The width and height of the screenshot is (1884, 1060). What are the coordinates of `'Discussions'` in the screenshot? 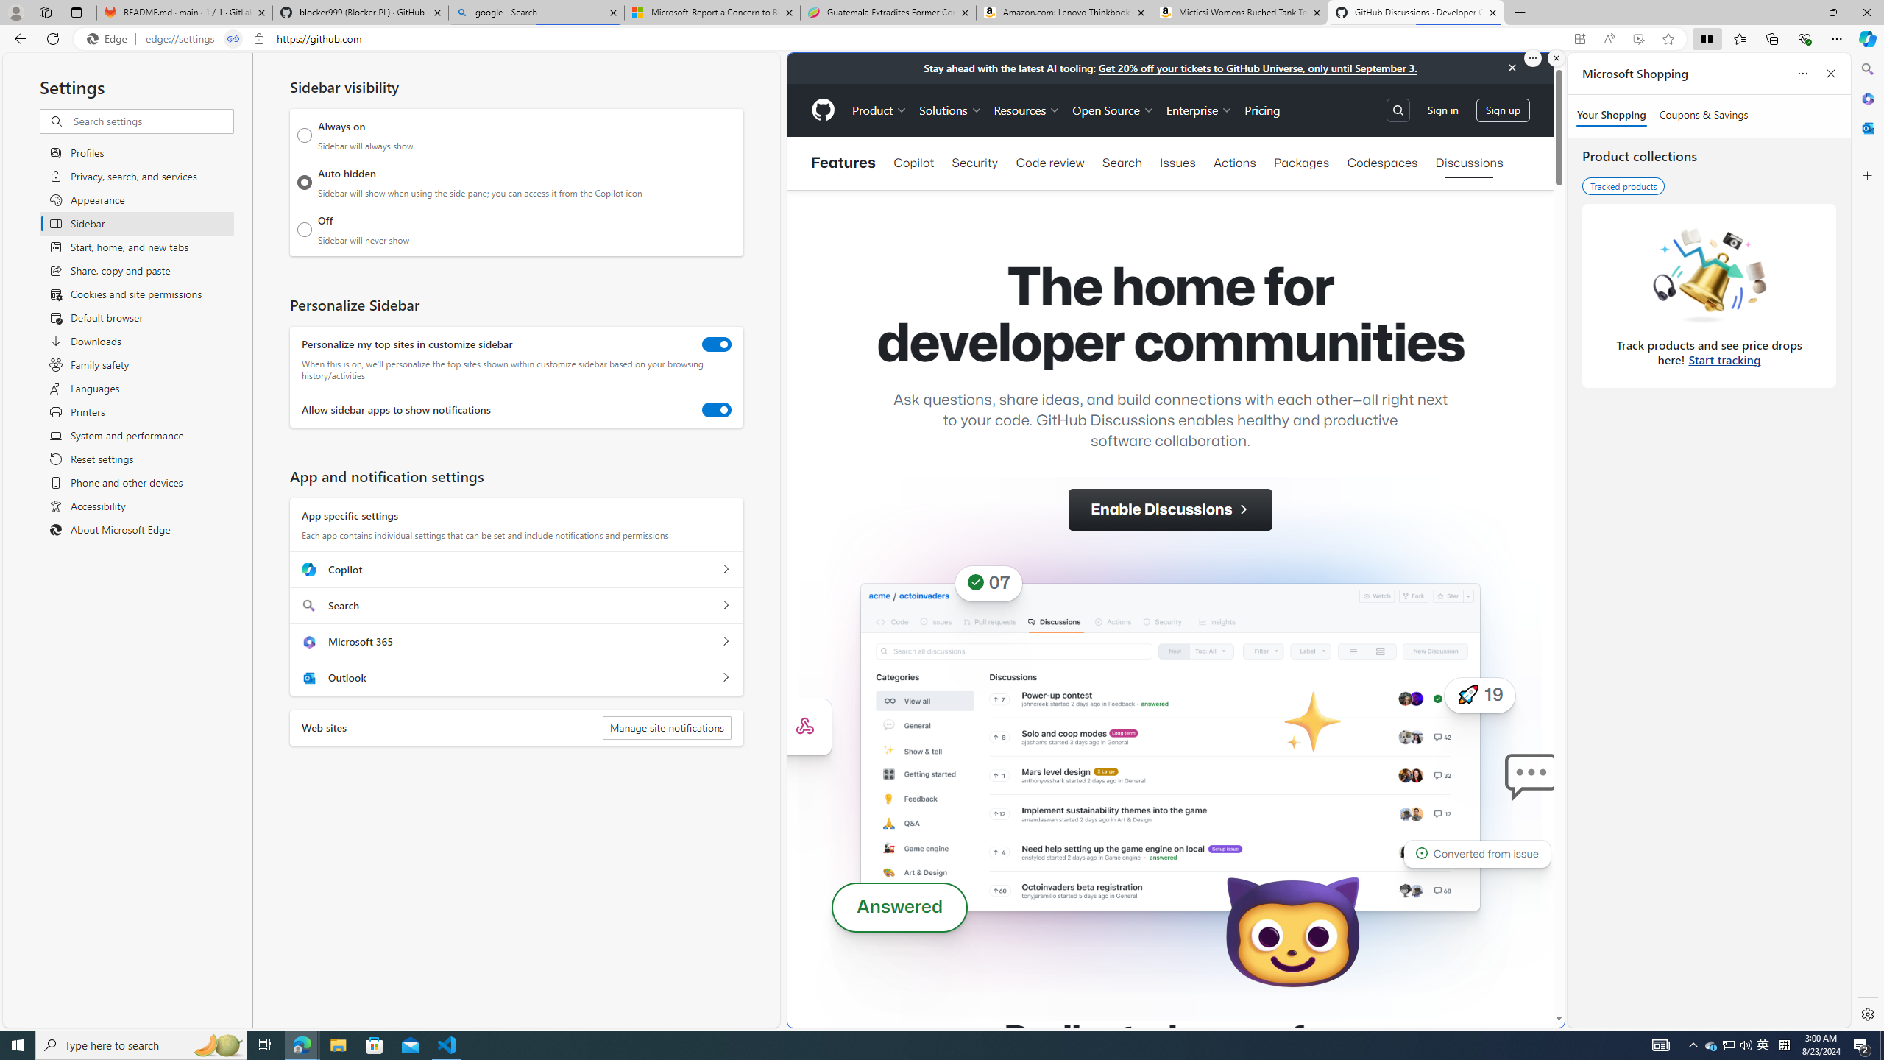 It's located at (1469, 163).